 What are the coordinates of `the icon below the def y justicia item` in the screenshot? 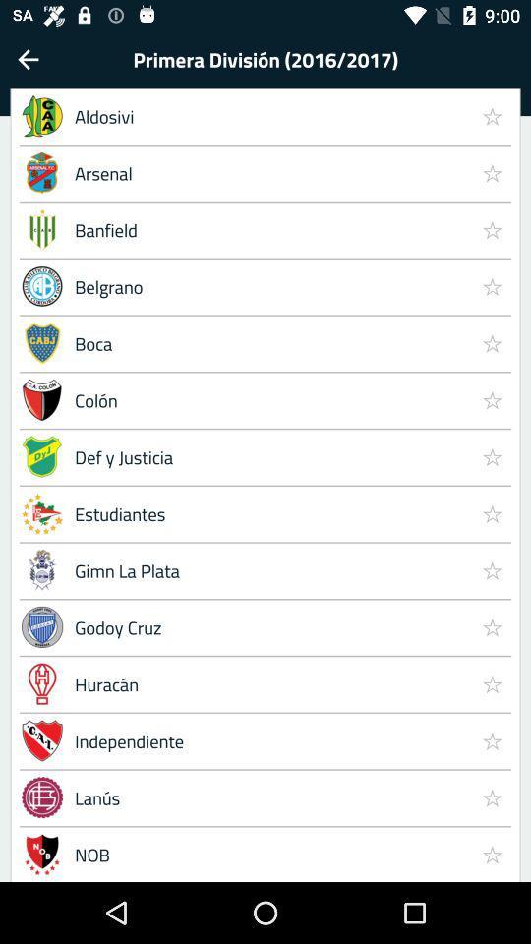 It's located at (491, 512).